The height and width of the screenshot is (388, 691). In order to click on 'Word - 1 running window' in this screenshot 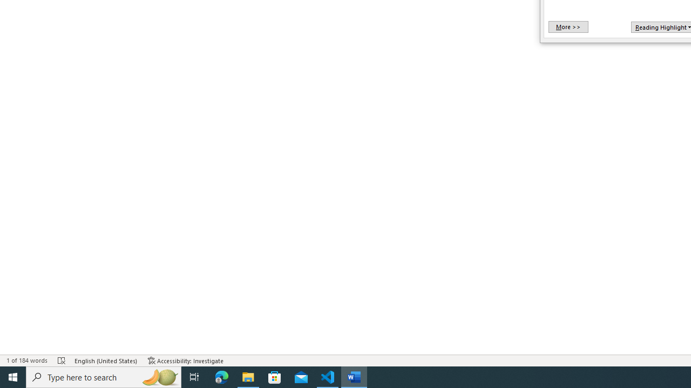, I will do `click(354, 376)`.